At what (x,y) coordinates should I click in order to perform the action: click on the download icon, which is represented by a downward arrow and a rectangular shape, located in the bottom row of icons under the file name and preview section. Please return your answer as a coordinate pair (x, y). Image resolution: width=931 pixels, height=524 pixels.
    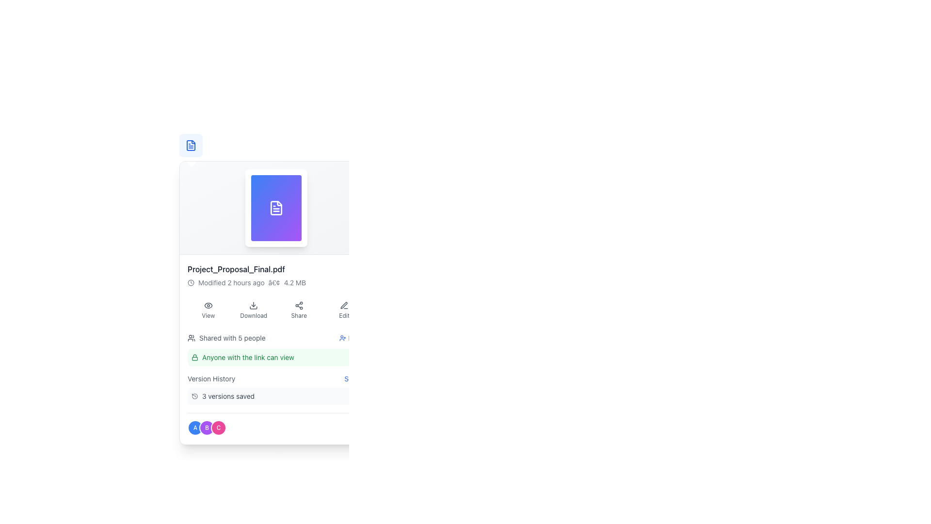
    Looking at the image, I should click on (254, 305).